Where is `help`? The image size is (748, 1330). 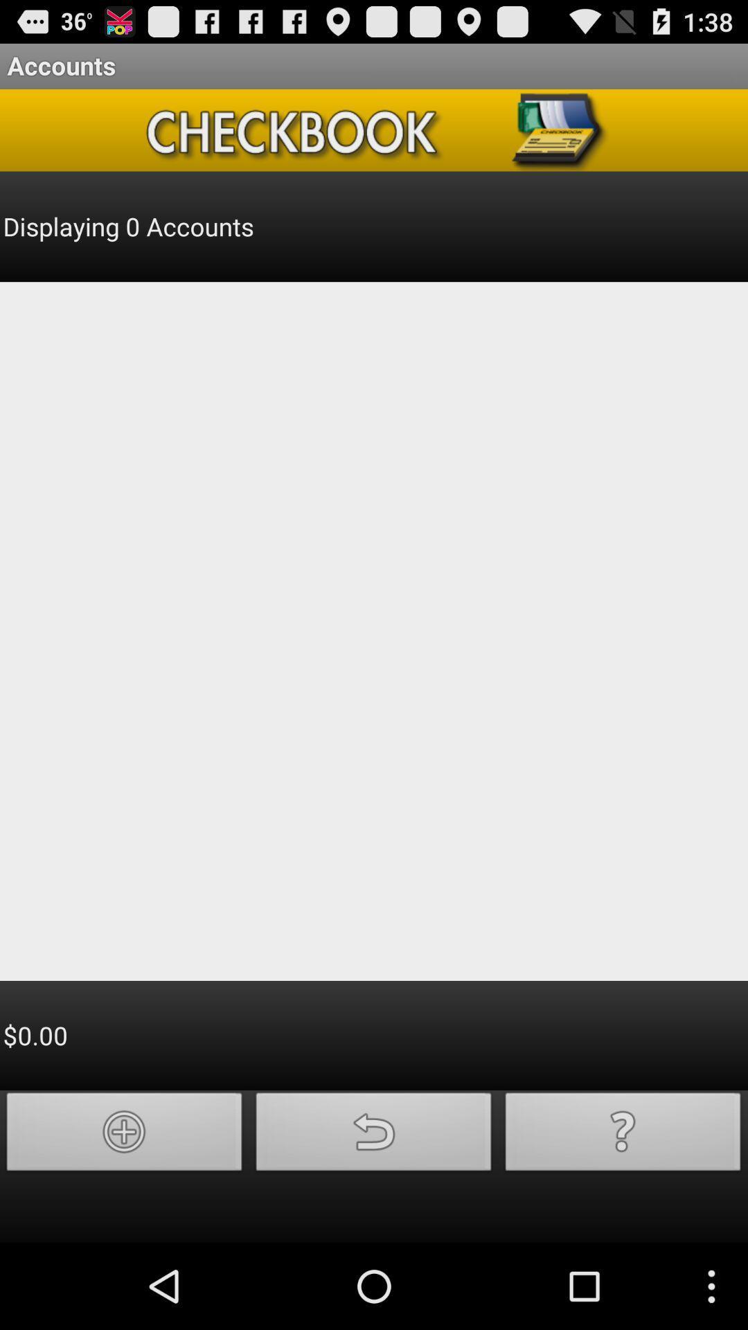 help is located at coordinates (622, 1135).